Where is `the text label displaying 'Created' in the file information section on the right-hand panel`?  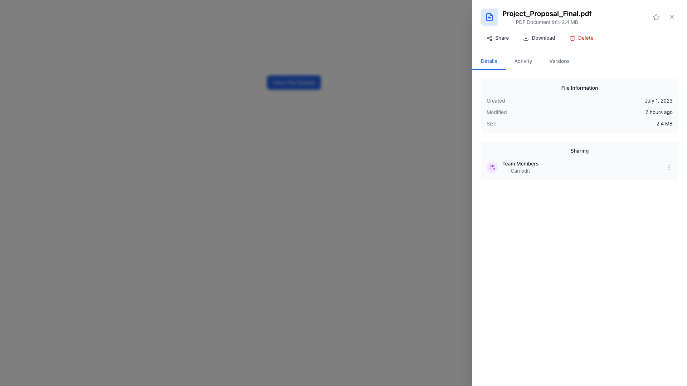
the text label displaying 'Created' in the file information section on the right-hand panel is located at coordinates (495, 100).